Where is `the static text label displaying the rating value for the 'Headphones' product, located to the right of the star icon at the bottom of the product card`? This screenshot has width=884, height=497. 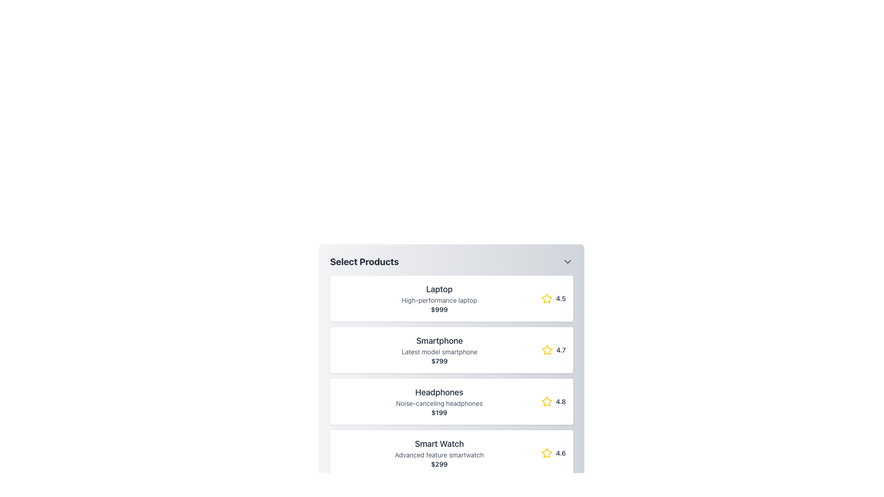
the static text label displaying the rating value for the 'Headphones' product, located to the right of the star icon at the bottom of the product card is located at coordinates (560, 401).